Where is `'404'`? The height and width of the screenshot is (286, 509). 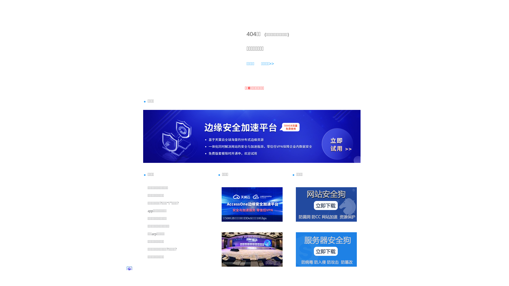 '404' is located at coordinates (246, 34).